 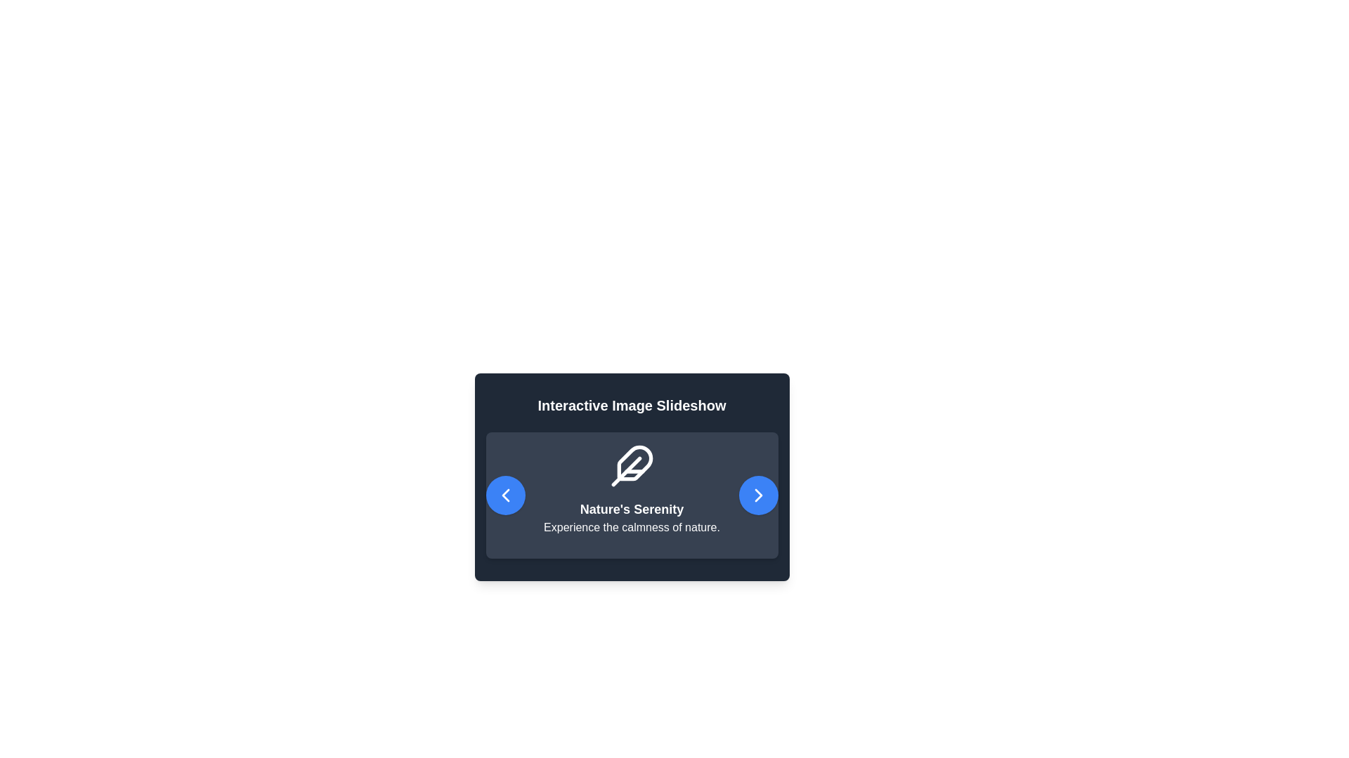 I want to click on the small, right-pointing chevron arrow icon, which is white against a blue circular background, located in the bottom-right corner of the dark-themed card titled 'Interactive Image Slideshow', so click(x=757, y=494).